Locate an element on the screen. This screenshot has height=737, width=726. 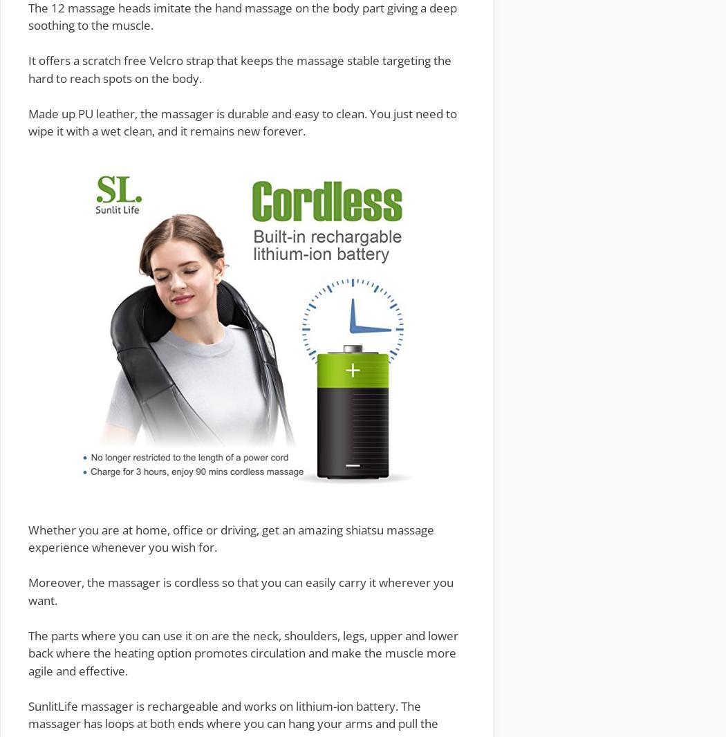
'that keeps the massage stable targeting the hard to reach spots on the body.' is located at coordinates (239, 68).